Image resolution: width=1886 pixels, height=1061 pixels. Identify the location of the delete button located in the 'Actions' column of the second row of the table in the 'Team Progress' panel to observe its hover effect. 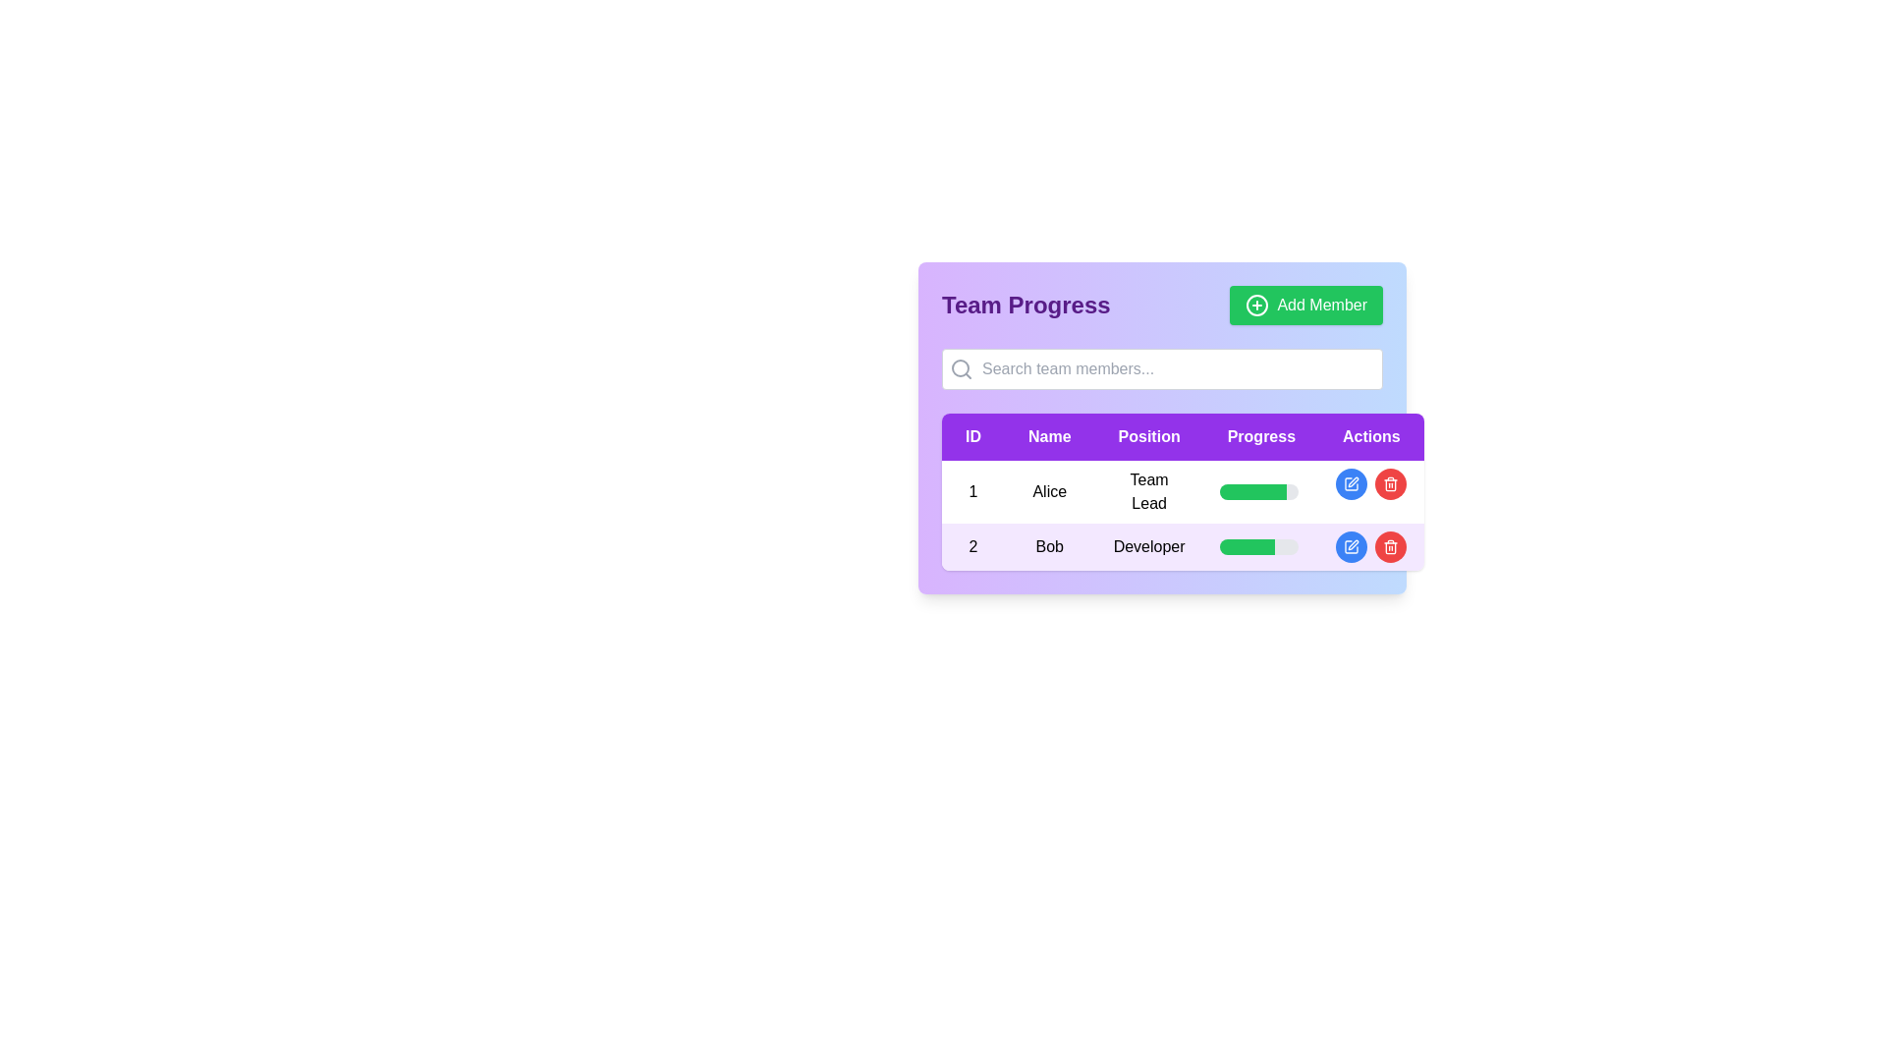
(1390, 484).